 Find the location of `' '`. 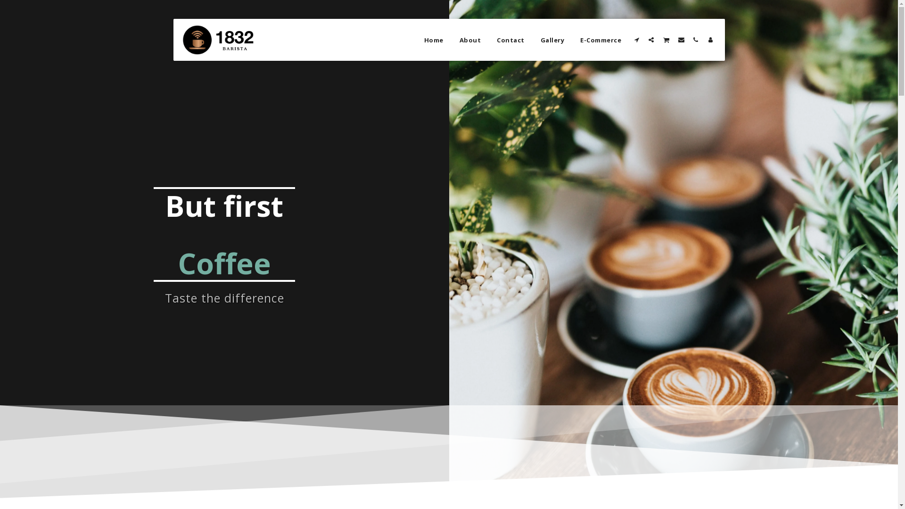

' ' is located at coordinates (665, 39).